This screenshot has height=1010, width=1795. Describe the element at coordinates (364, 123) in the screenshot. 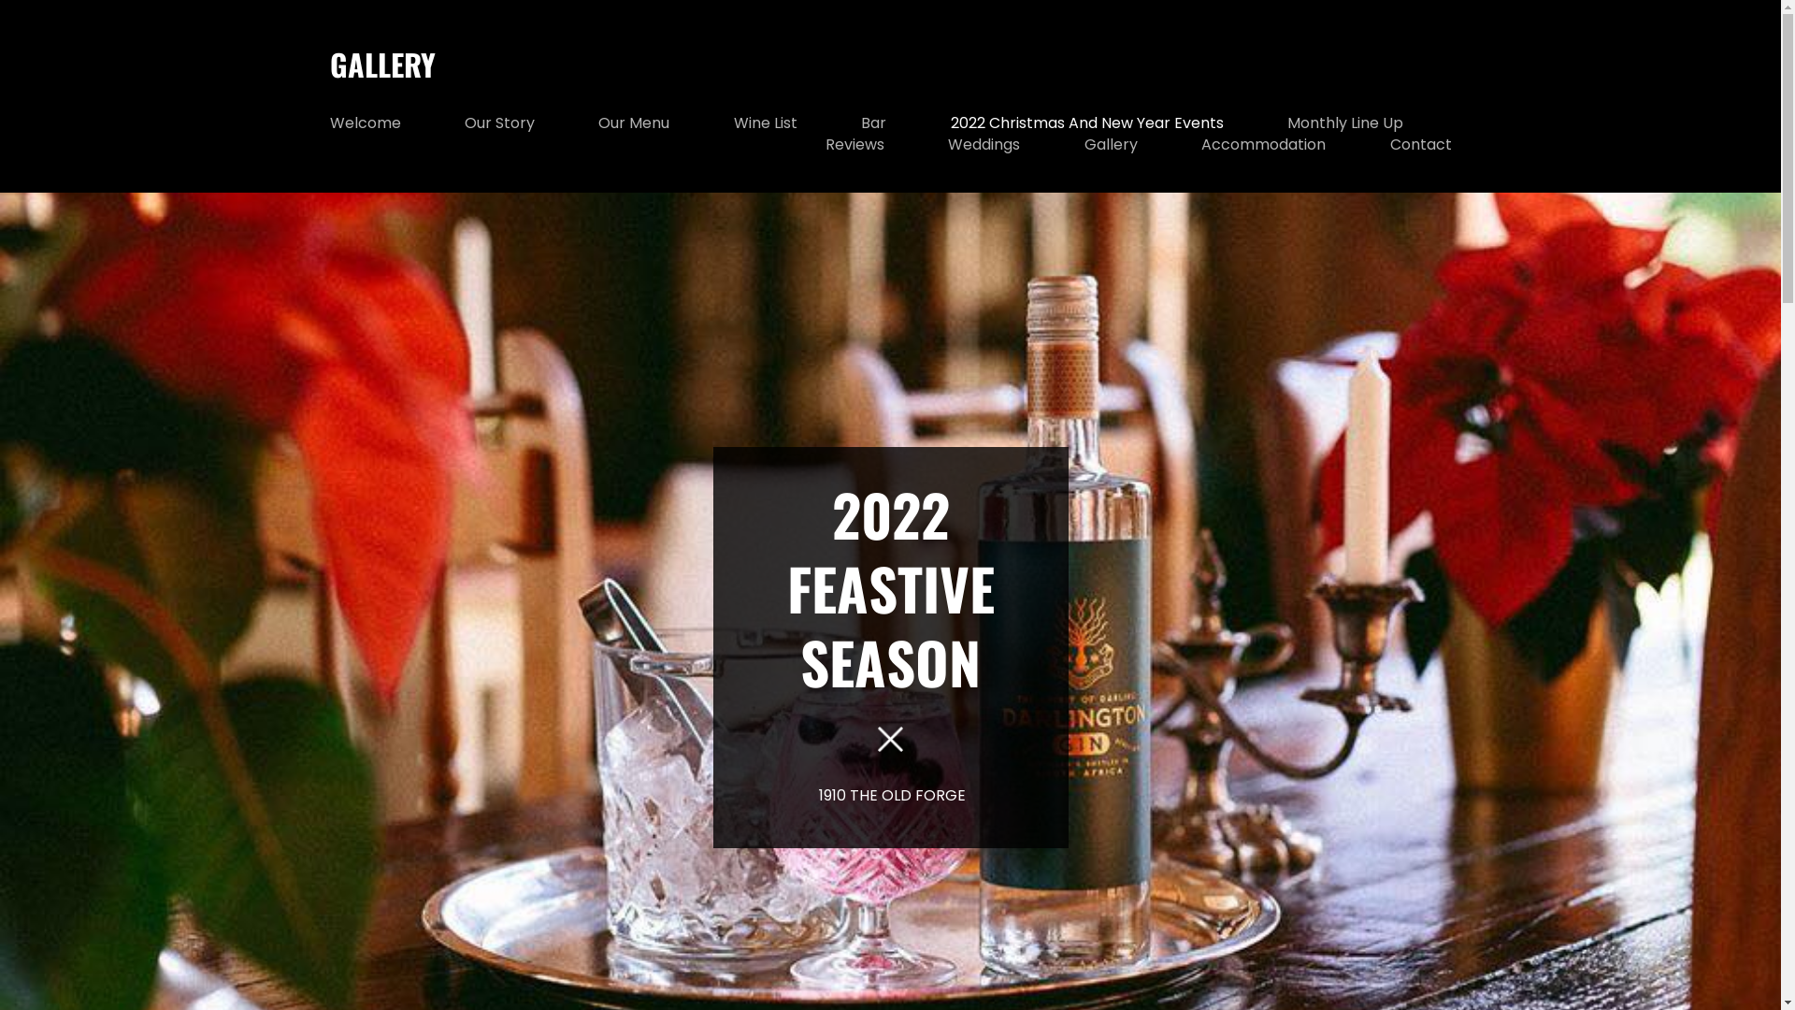

I see `'Welcome'` at that location.